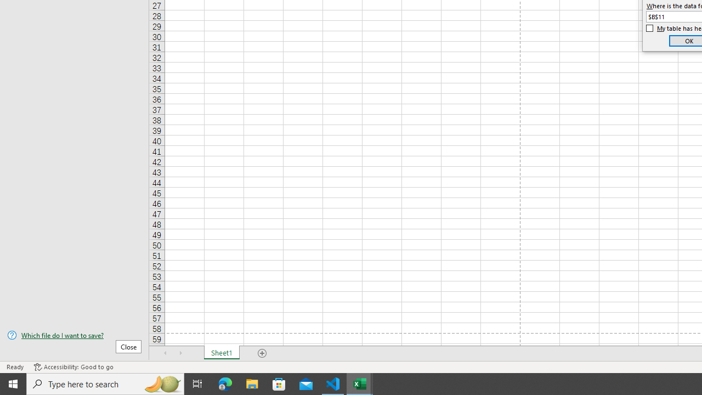 This screenshot has height=395, width=702. What do you see at coordinates (128, 346) in the screenshot?
I see `'Close'` at bounding box center [128, 346].